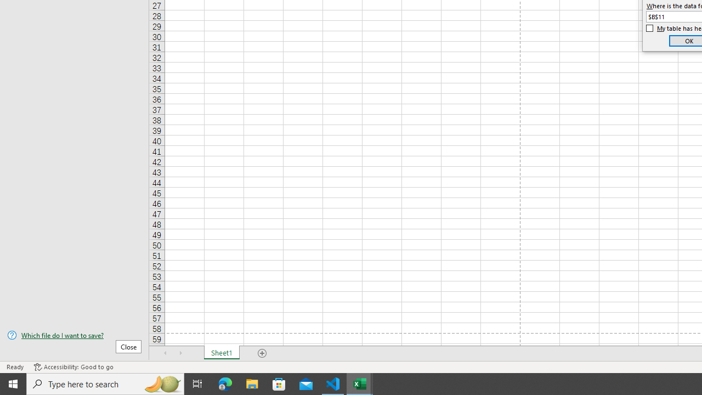 This screenshot has height=395, width=702. What do you see at coordinates (128, 346) in the screenshot?
I see `'Close'` at bounding box center [128, 346].